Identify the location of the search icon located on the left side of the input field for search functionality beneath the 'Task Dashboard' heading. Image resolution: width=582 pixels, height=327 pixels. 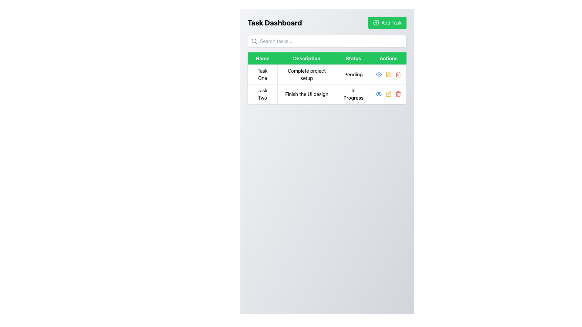
(254, 41).